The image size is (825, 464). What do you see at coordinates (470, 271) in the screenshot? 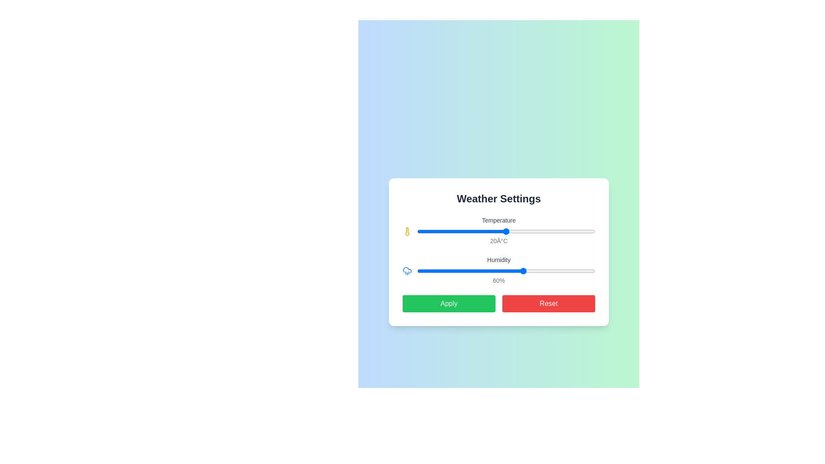
I see `humidity` at bounding box center [470, 271].